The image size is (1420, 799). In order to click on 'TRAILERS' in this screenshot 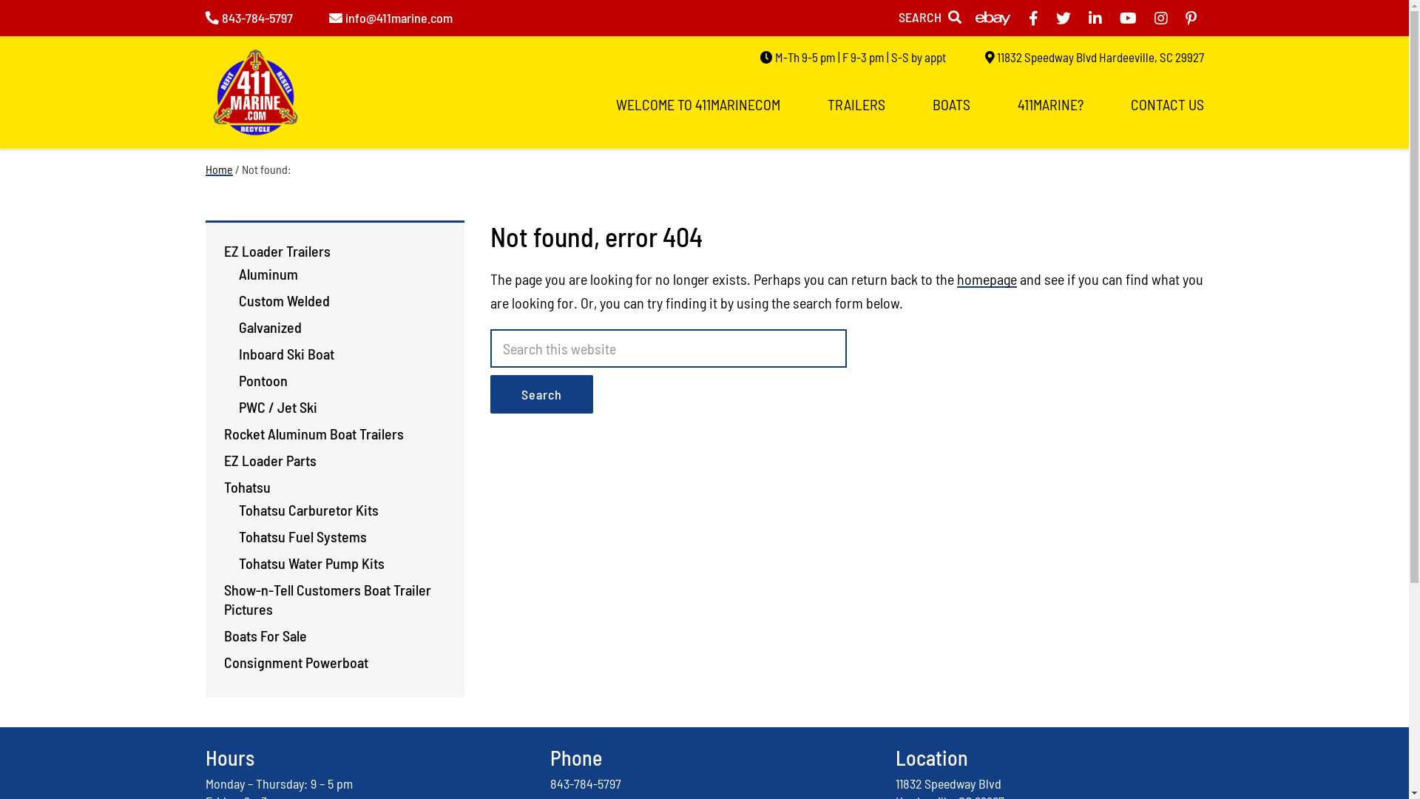, I will do `click(855, 104)`.